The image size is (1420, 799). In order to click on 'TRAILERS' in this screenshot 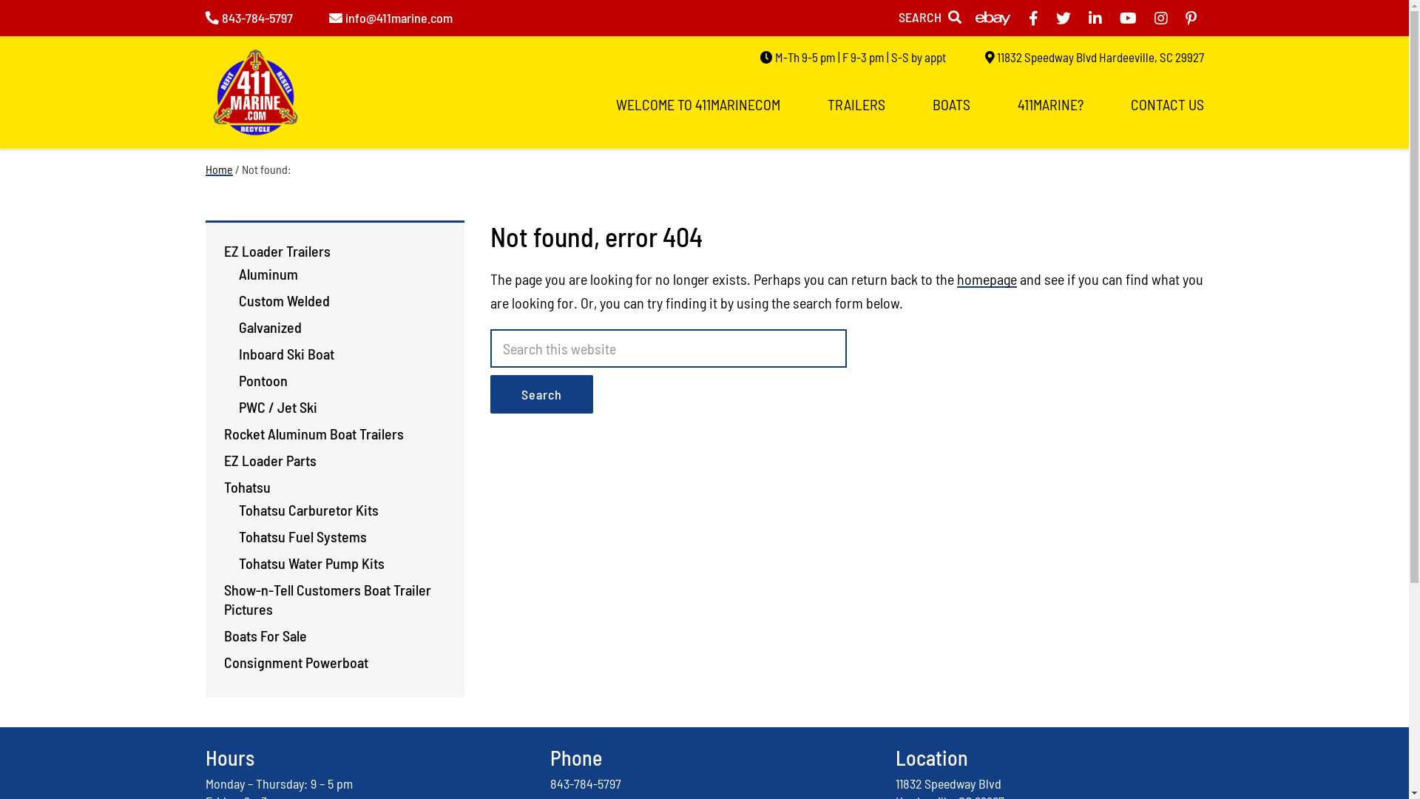, I will do `click(855, 104)`.